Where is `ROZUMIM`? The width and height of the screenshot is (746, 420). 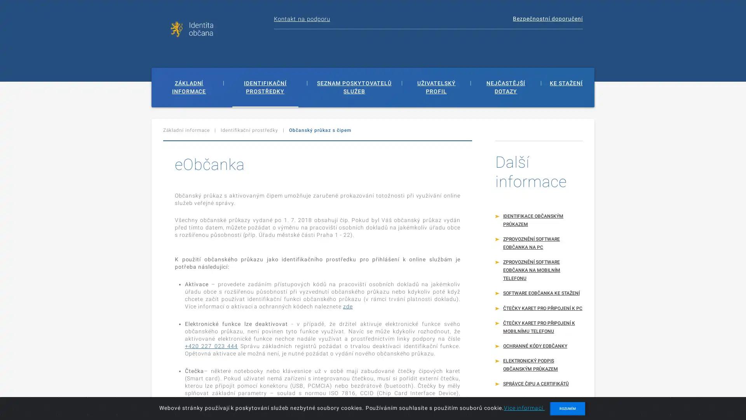 ROZUMIM is located at coordinates (567, 408).